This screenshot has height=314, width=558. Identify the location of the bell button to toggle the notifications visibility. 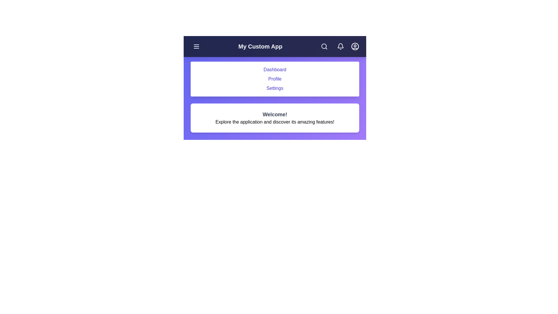
(340, 46).